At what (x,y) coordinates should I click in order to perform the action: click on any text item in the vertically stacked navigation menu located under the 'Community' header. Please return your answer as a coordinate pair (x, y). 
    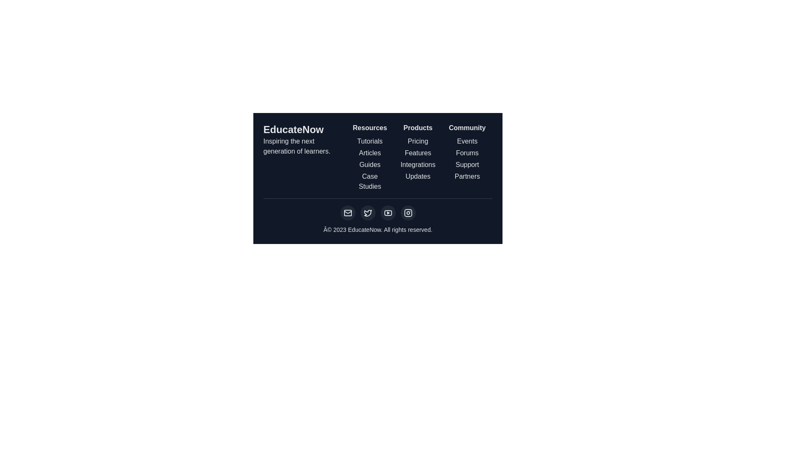
    Looking at the image, I should click on (467, 159).